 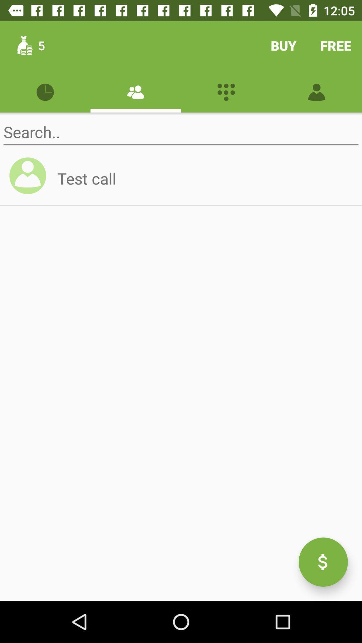 I want to click on people icon right to timer icon, so click(x=136, y=91).